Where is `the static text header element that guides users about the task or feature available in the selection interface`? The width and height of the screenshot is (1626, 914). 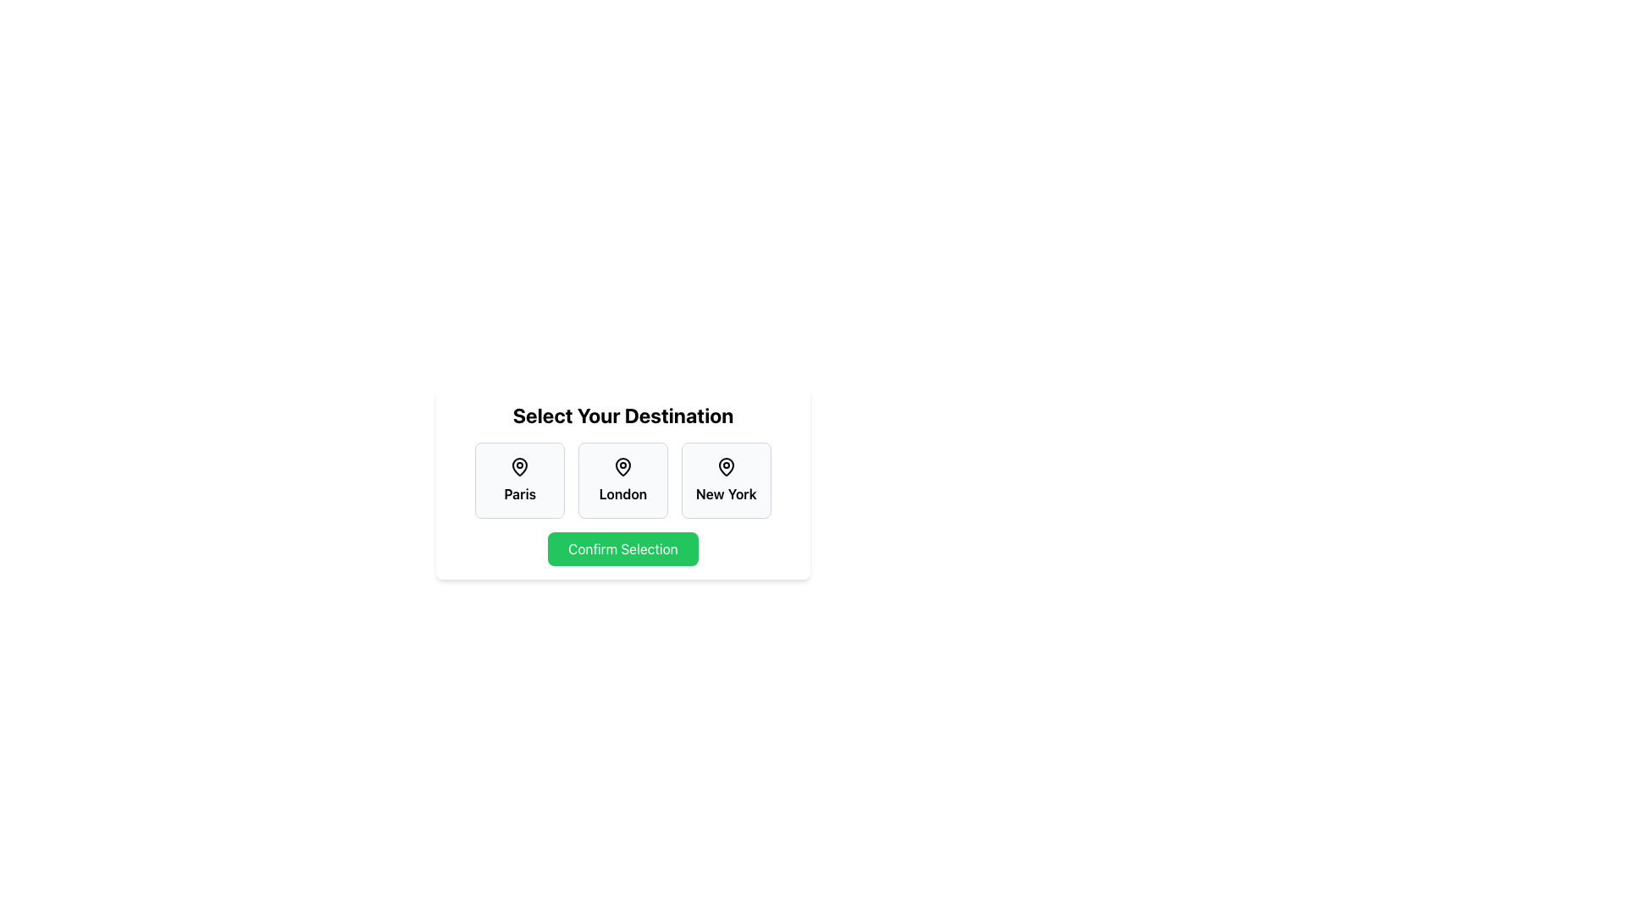 the static text header element that guides users about the task or feature available in the selection interface is located at coordinates (622, 415).